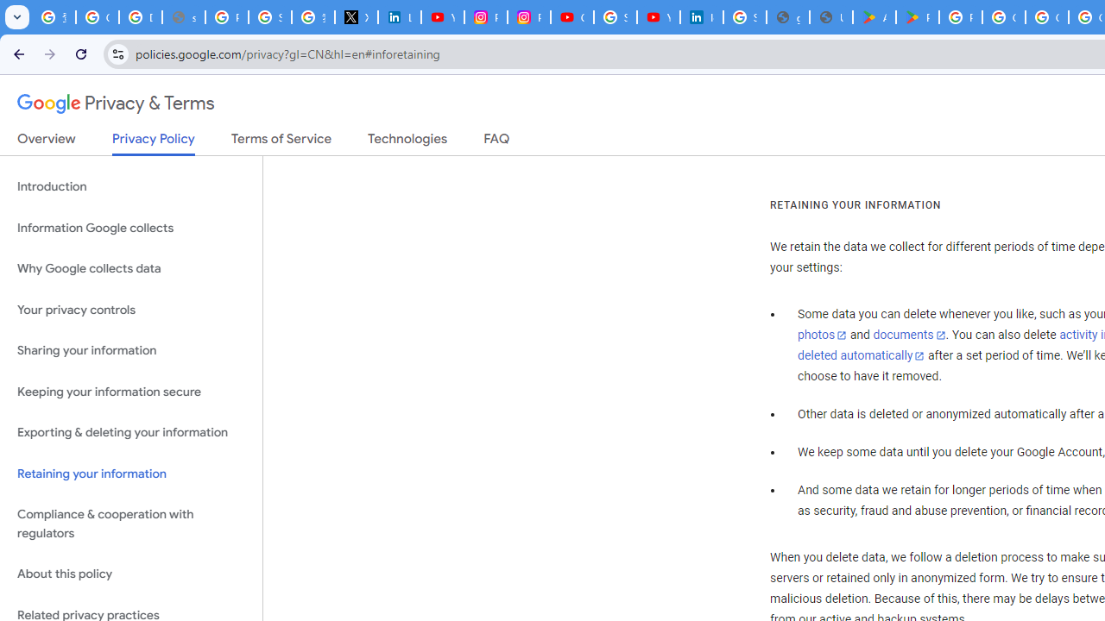 The height and width of the screenshot is (621, 1105). Describe the element at coordinates (917, 17) in the screenshot. I see `'PAW Patrol Rescue World - Apps on Google Play'` at that location.